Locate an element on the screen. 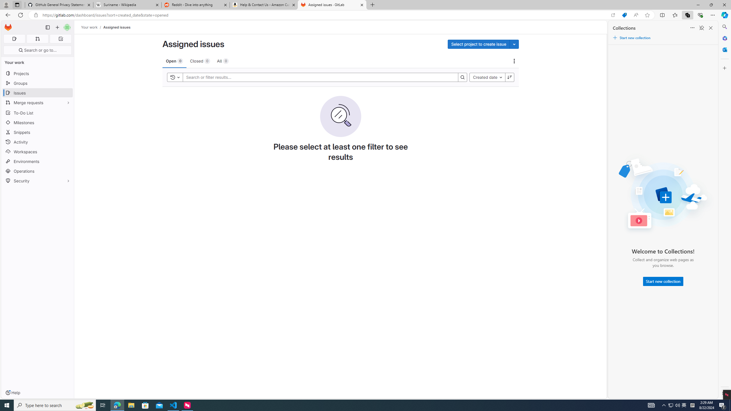 The image size is (731, 411). 'Security' is located at coordinates (37, 180).